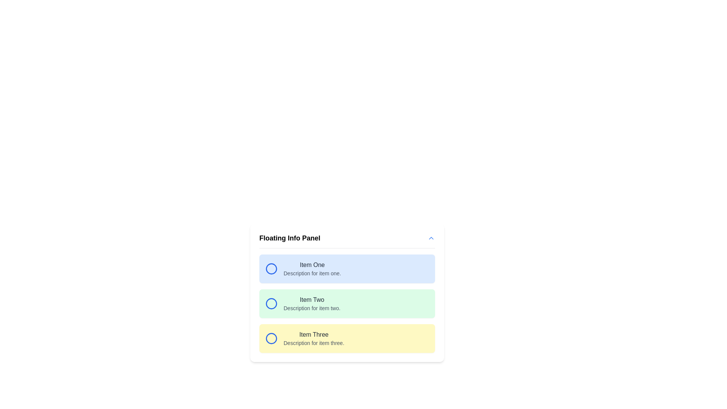  Describe the element at coordinates (346, 303) in the screenshot. I see `the second item in the list, which has a light green background and is titled 'Item Two'` at that location.